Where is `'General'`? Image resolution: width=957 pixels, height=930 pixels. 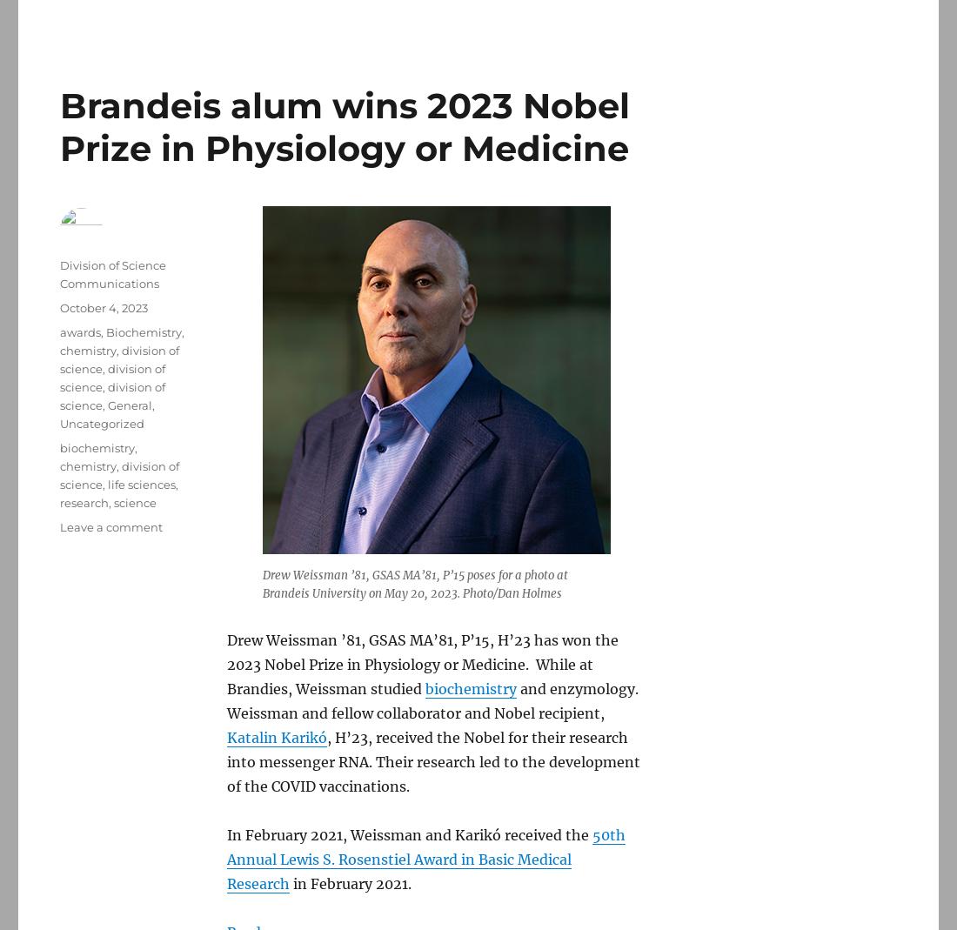
'General' is located at coordinates (129, 404).